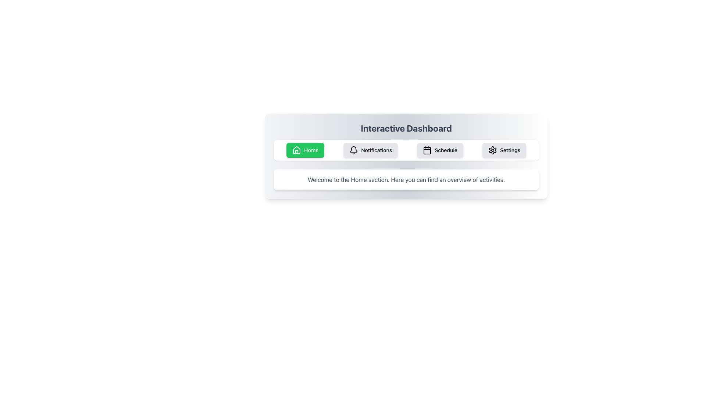 Image resolution: width=706 pixels, height=397 pixels. I want to click on the 'Home' button, so click(311, 150).